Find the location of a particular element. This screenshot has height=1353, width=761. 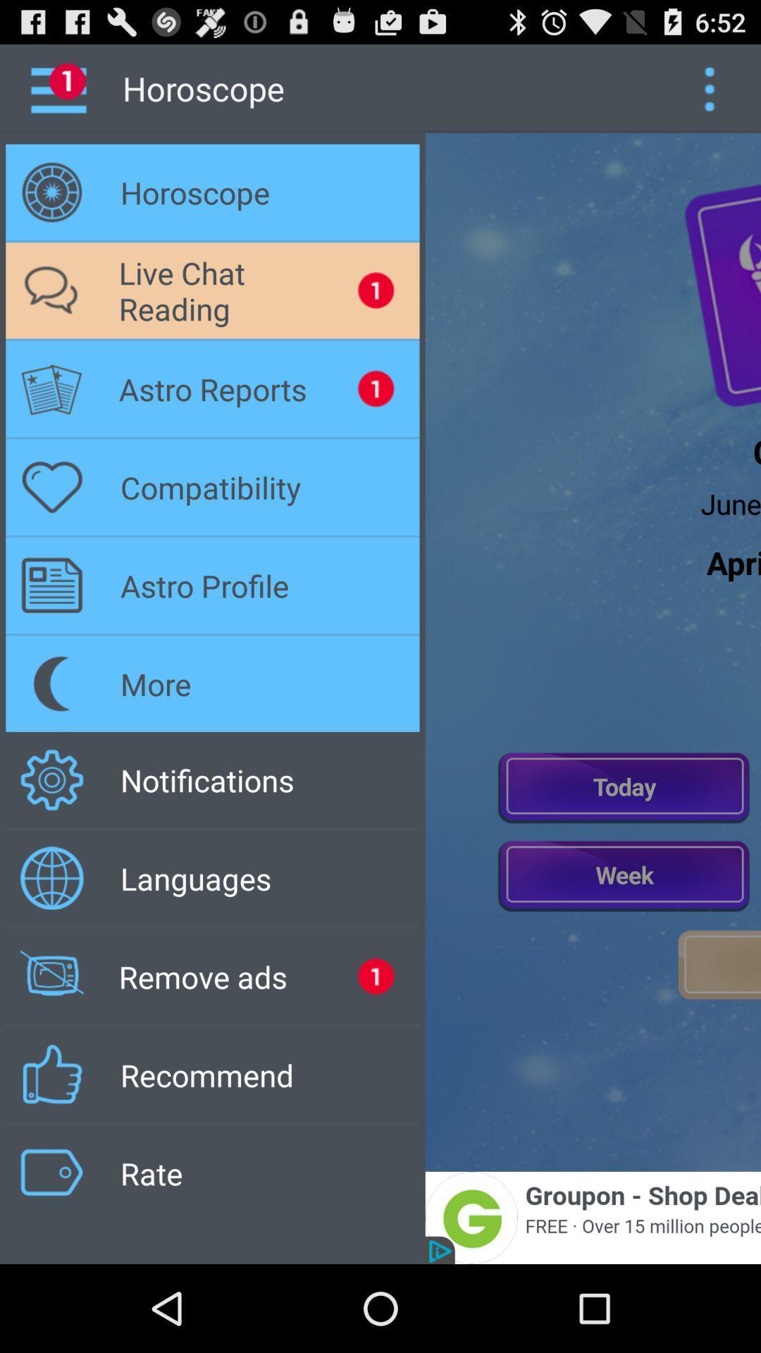

recommend option icon on left side is located at coordinates (51, 1074).